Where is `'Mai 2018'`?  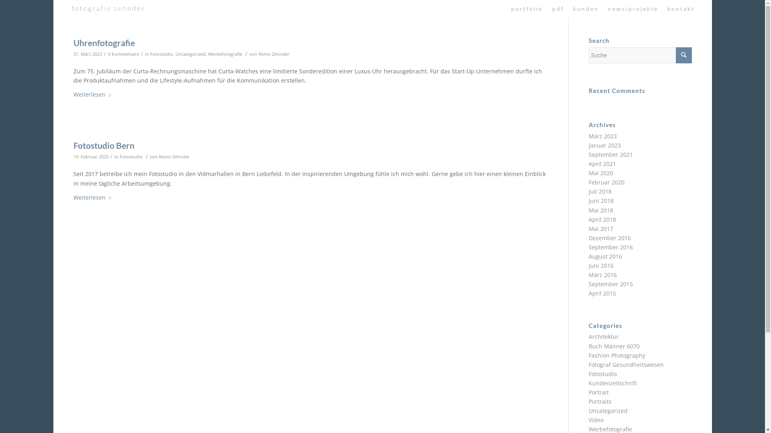 'Mai 2018' is located at coordinates (601, 210).